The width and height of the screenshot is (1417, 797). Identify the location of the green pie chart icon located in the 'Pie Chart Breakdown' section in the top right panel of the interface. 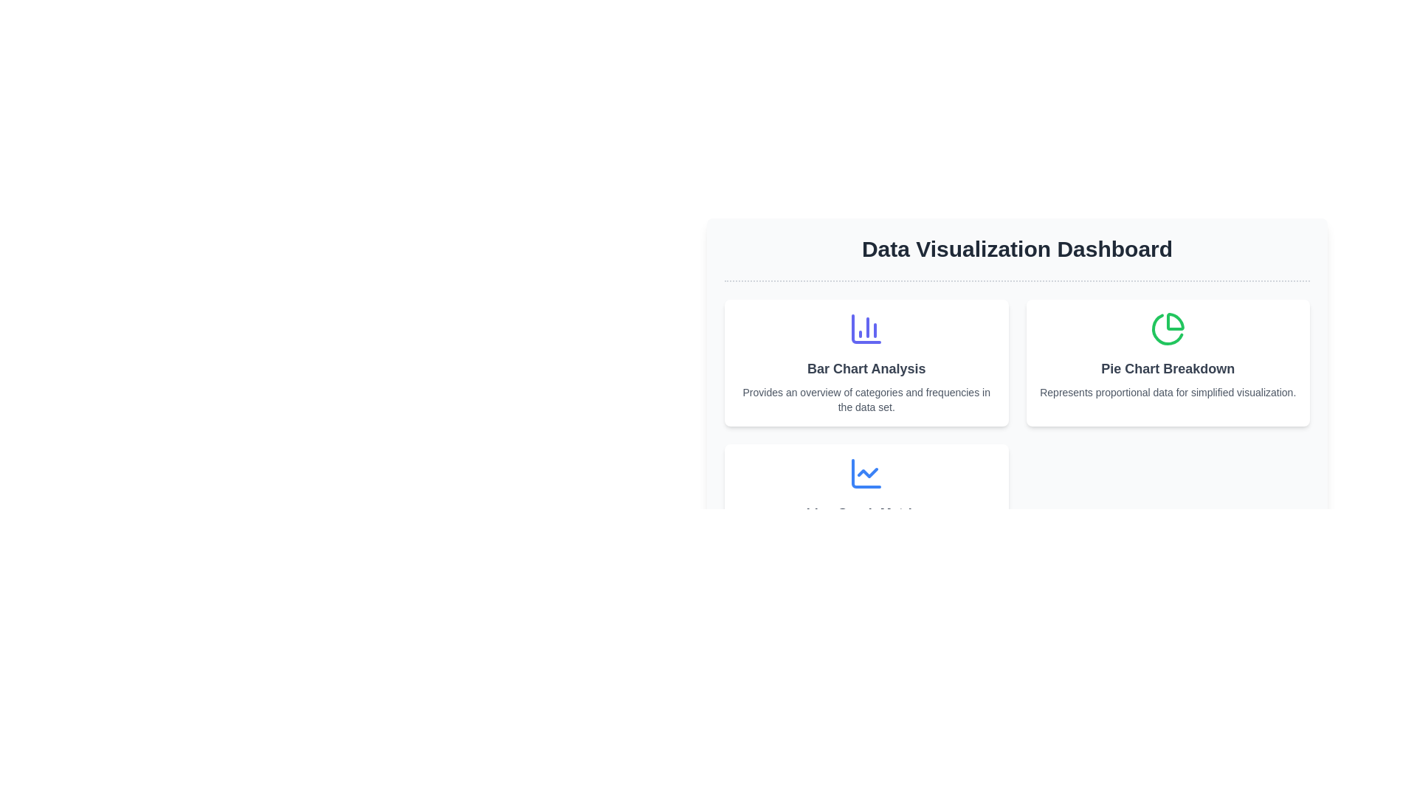
(1166, 328).